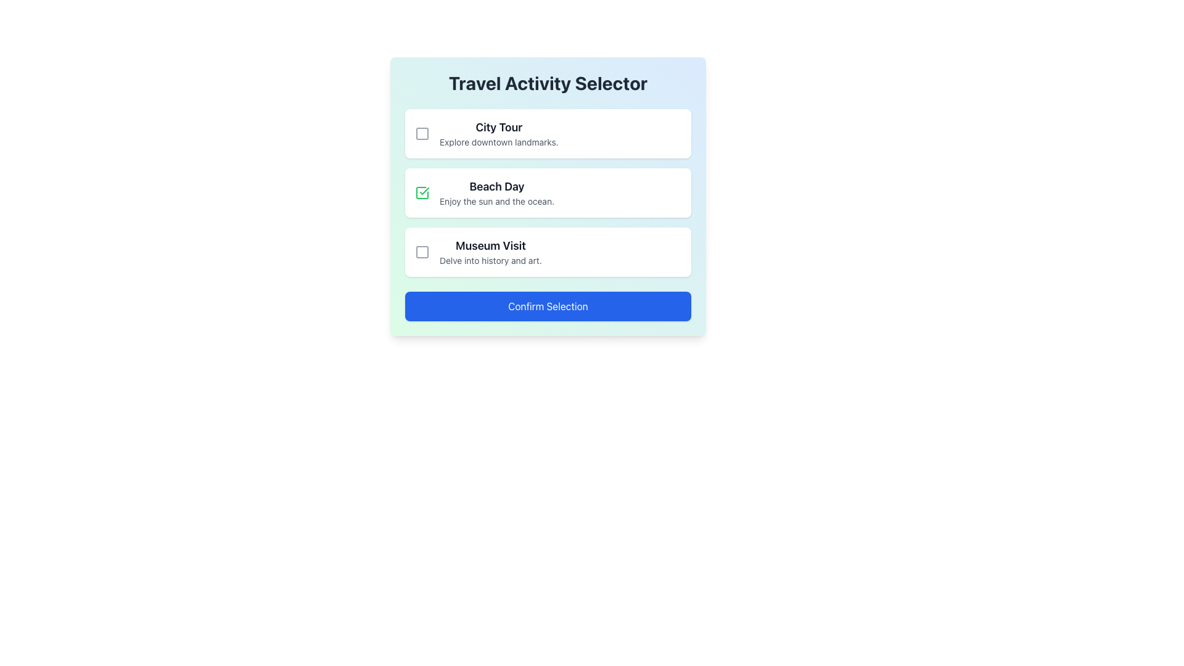 This screenshot has height=666, width=1184. What do you see at coordinates (422, 192) in the screenshot?
I see `the checkbox for the 'Beach Day' activity option` at bounding box center [422, 192].